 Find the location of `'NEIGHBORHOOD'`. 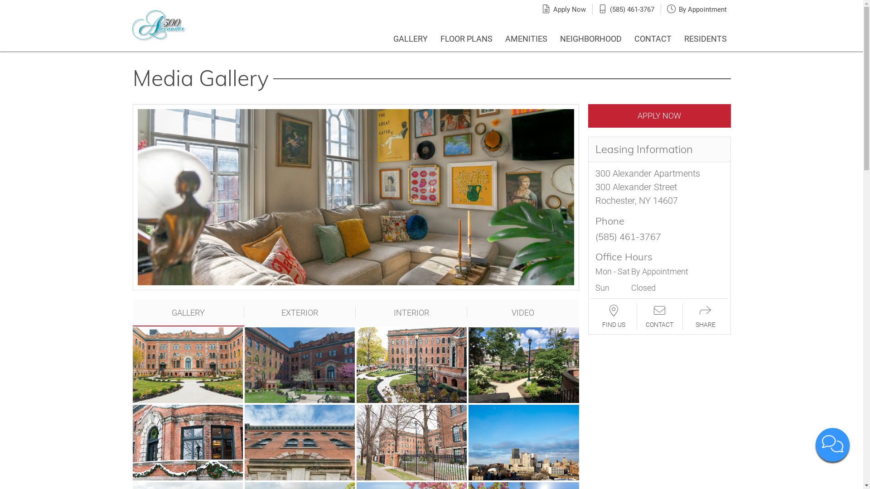

'NEIGHBORHOOD' is located at coordinates (553, 34).